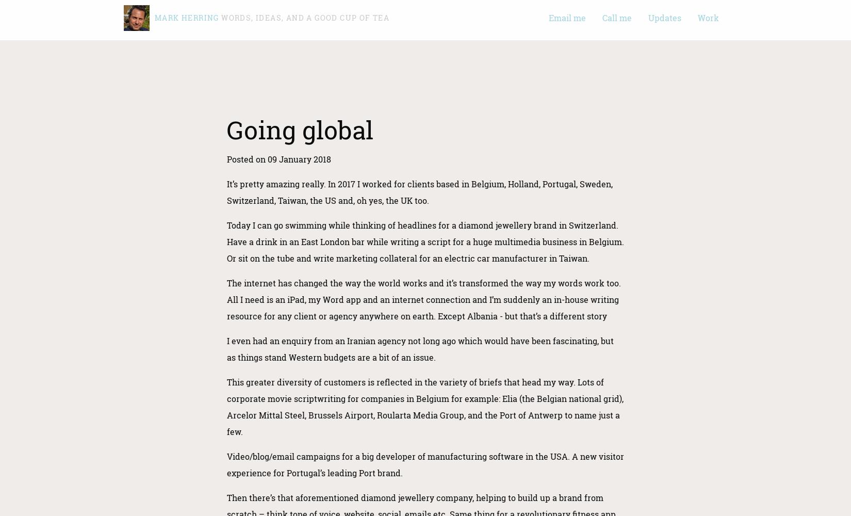  Describe the element at coordinates (419, 349) in the screenshot. I see `'I even had an enquiry from an Iranian agency not long ago which would have been fascinating, but as things stand Western budgets are a bit of an issue.'` at that location.